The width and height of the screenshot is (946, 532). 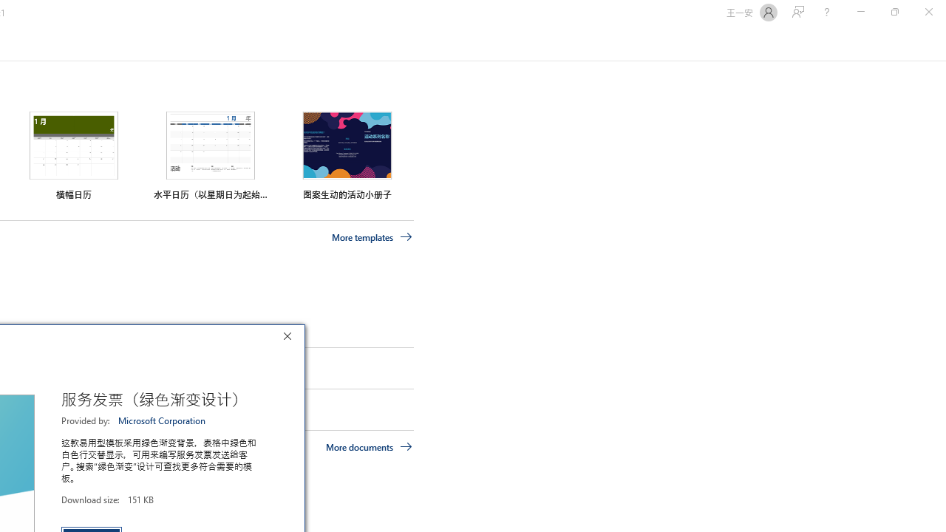 I want to click on 'Microsoft Corporation', so click(x=163, y=420).